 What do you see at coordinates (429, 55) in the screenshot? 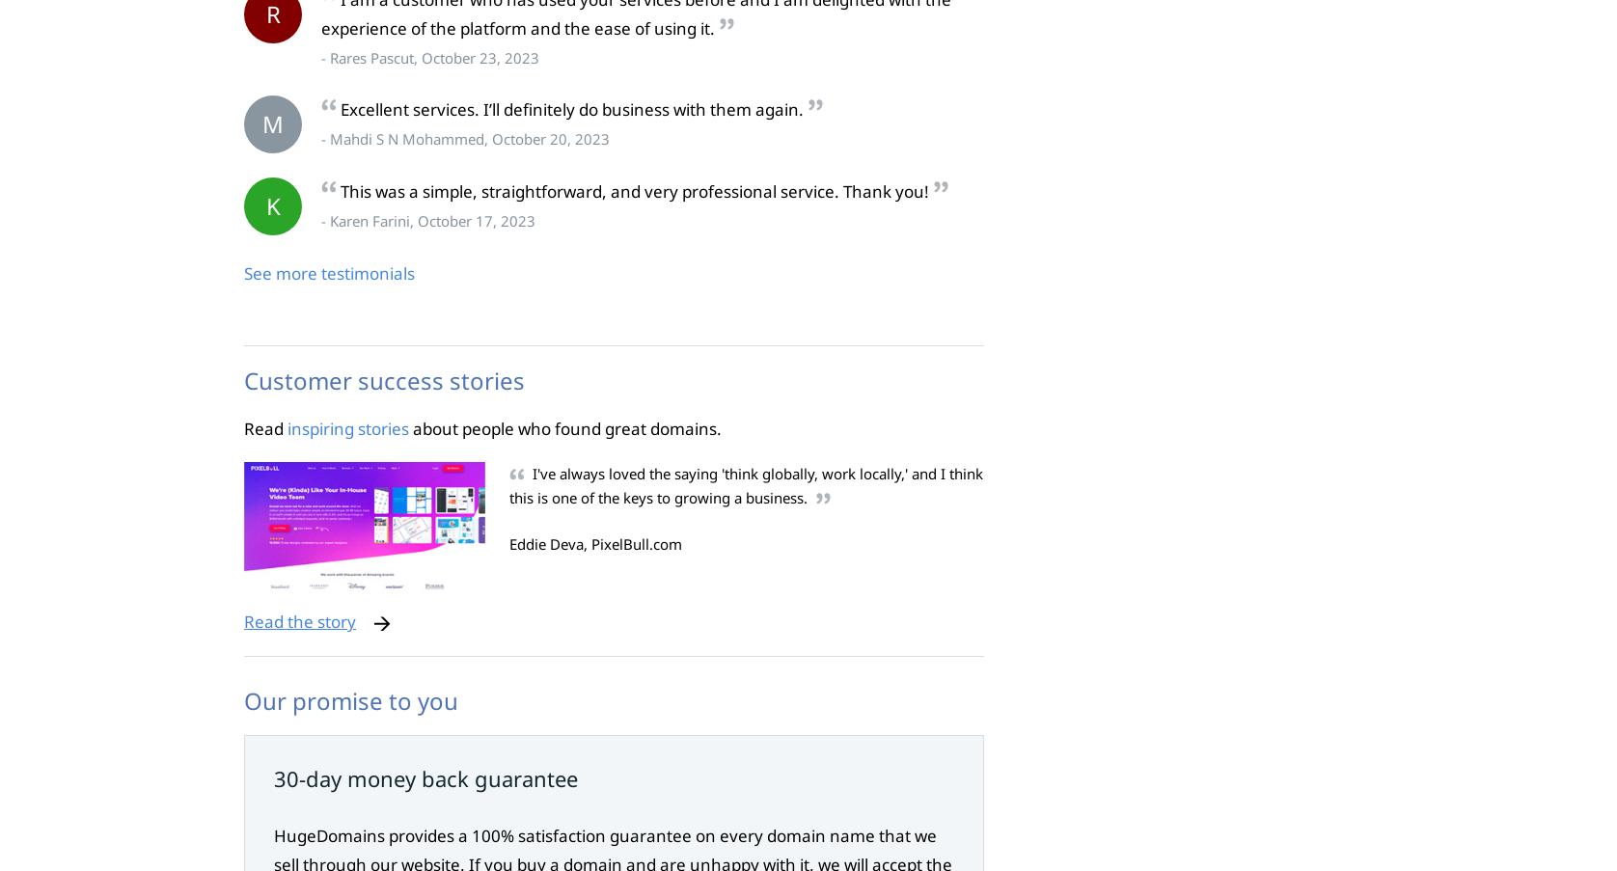
I see `'- Rares Pascut, October 23, 2023'` at bounding box center [429, 55].